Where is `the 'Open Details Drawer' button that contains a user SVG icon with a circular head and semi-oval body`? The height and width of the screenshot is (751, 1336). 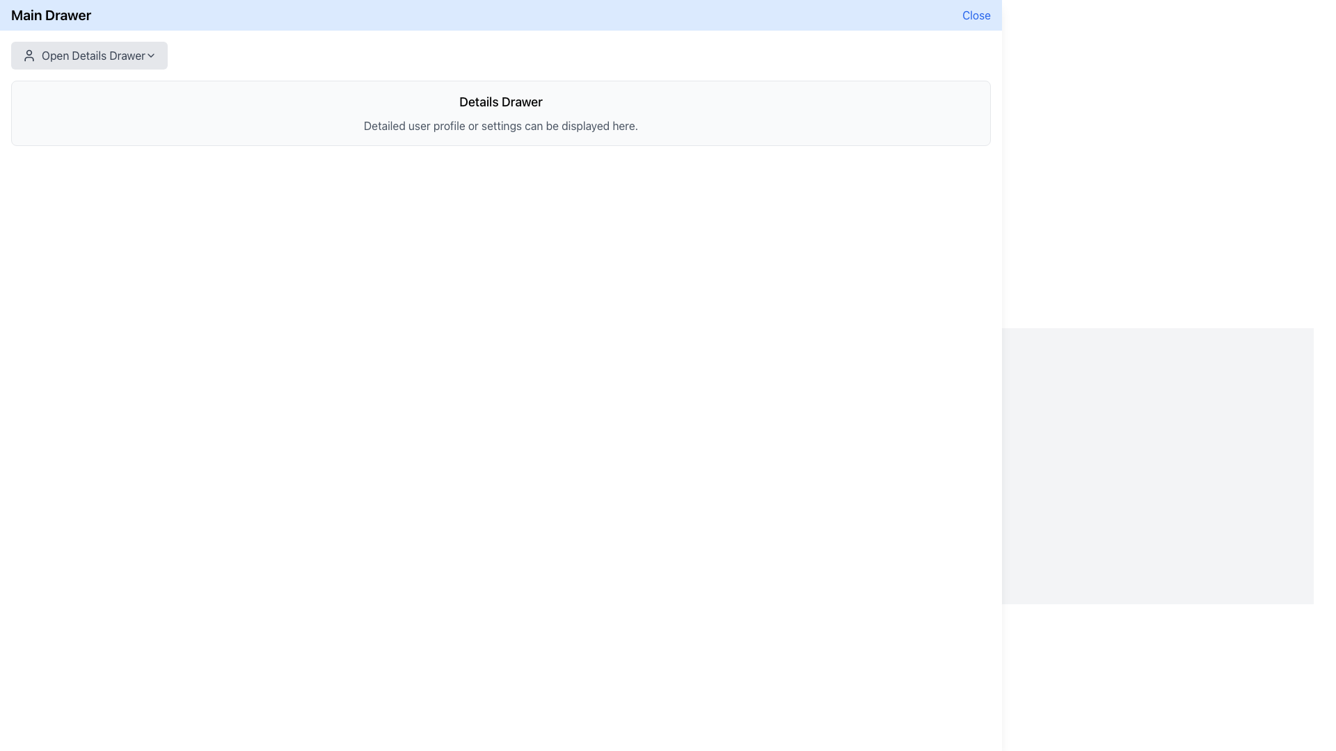 the 'Open Details Drawer' button that contains a user SVG icon with a circular head and semi-oval body is located at coordinates (29, 55).